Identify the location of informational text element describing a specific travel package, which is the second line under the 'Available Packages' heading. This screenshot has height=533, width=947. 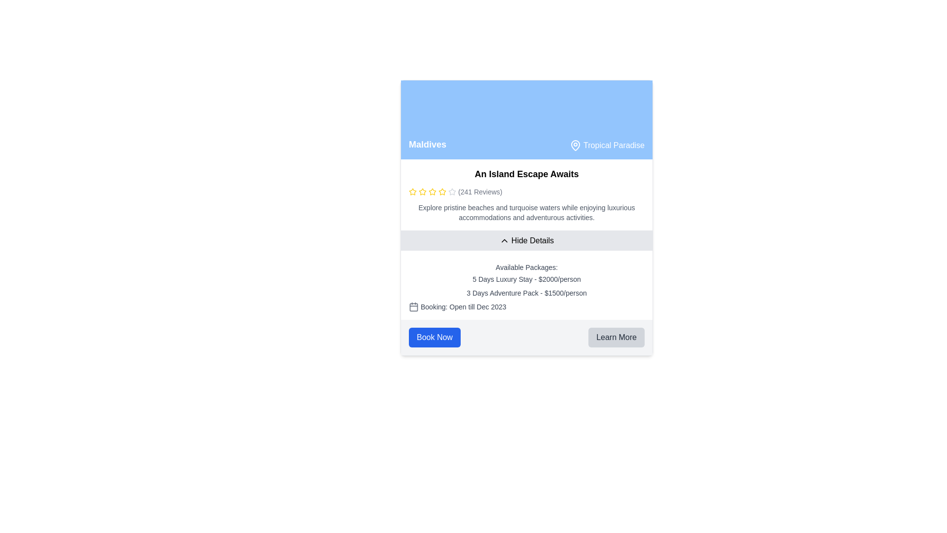
(526, 293).